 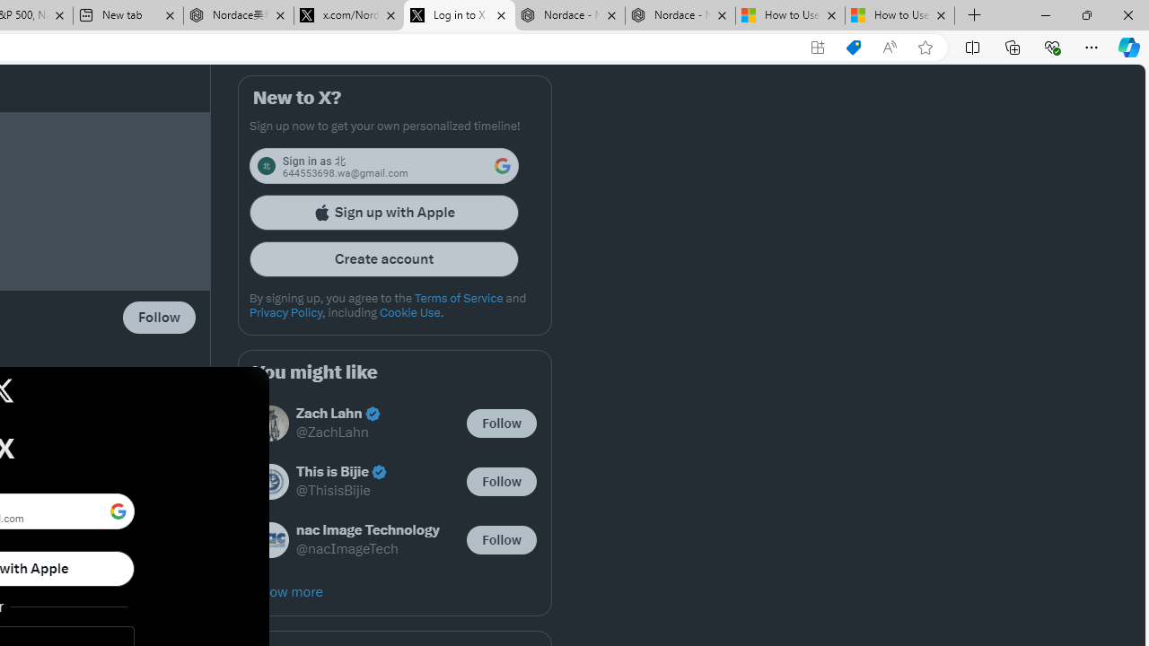 What do you see at coordinates (816, 47) in the screenshot?
I see `'App available. Install X'` at bounding box center [816, 47].